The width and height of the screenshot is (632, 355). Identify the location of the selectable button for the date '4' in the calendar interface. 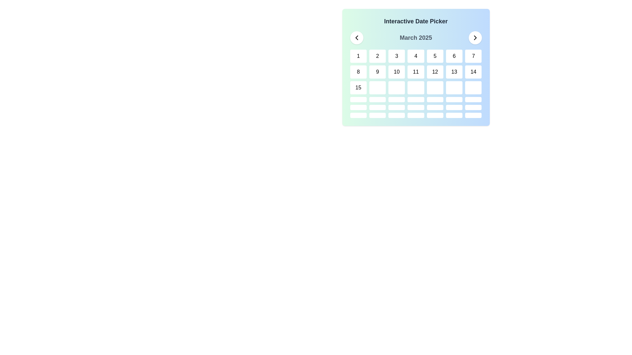
(415, 56).